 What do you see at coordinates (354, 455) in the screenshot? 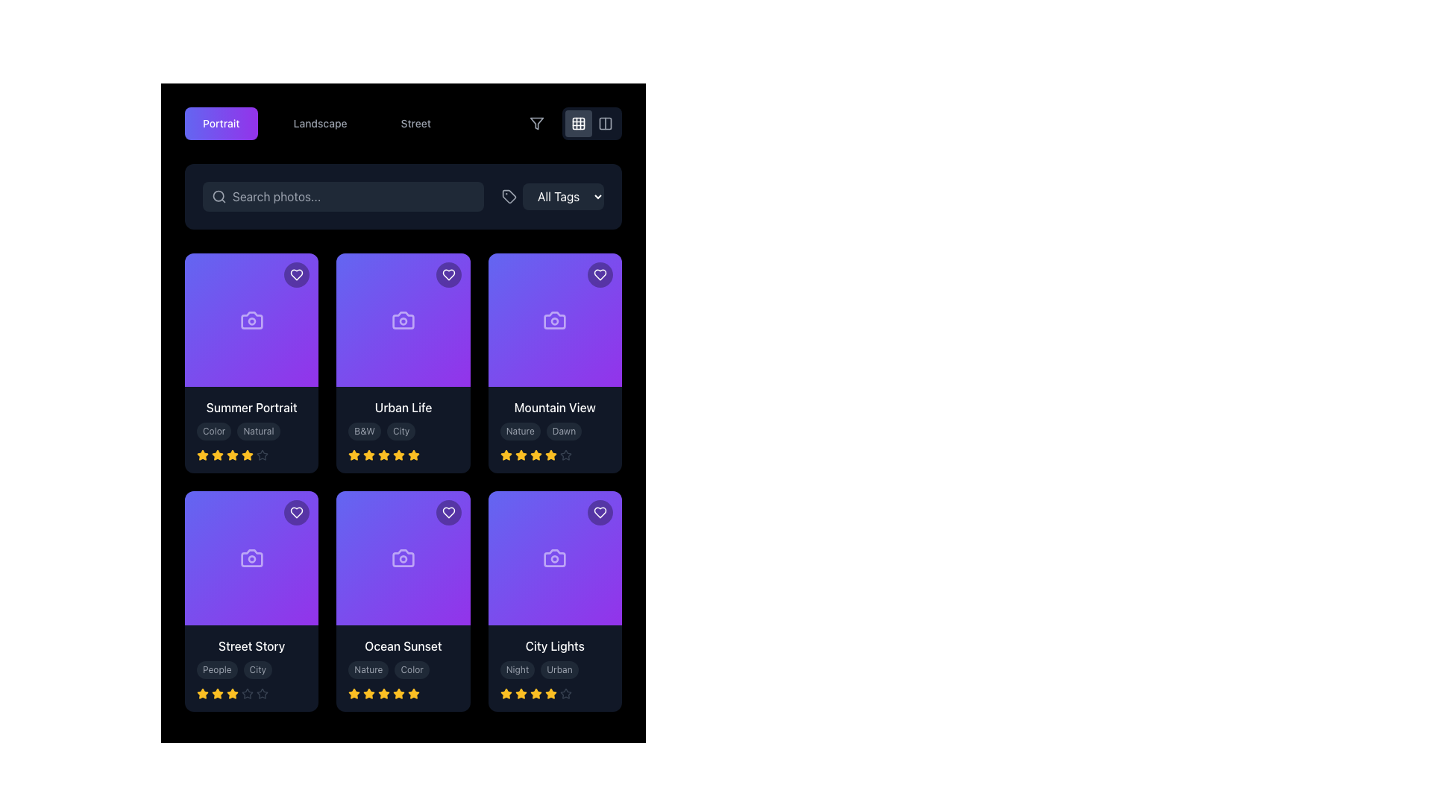
I see `the third star from the left in the second row of the grid layout in the rating section below the 'Urban Life' card` at bounding box center [354, 455].